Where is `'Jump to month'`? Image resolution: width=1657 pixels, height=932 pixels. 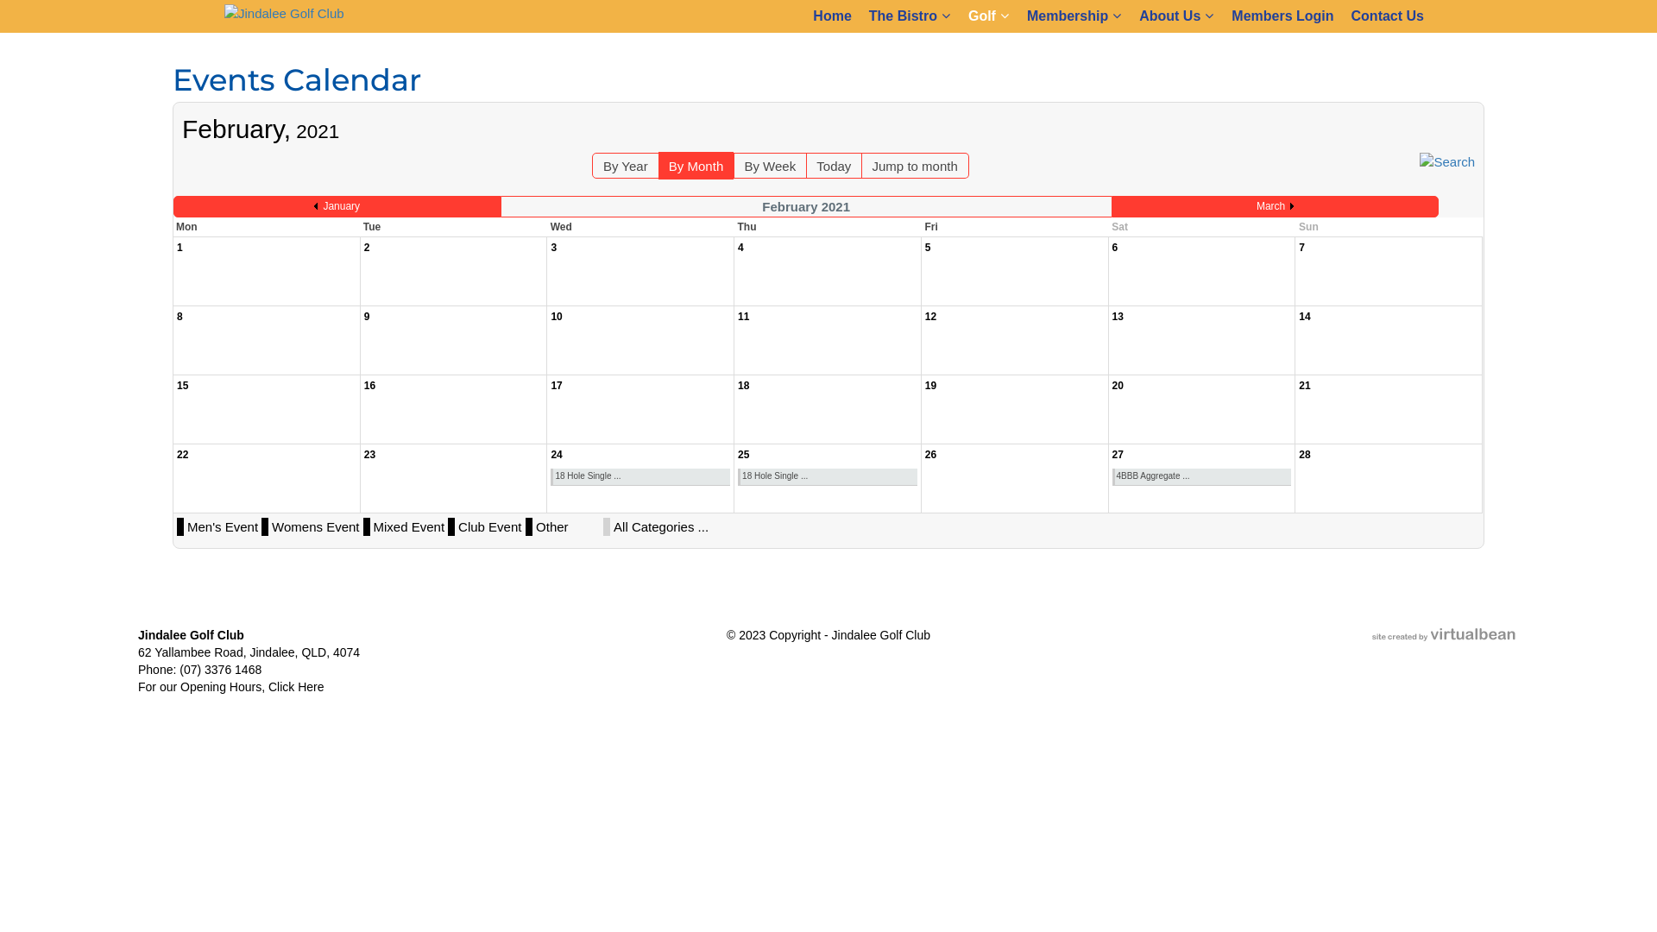 'Jump to month' is located at coordinates (914, 166).